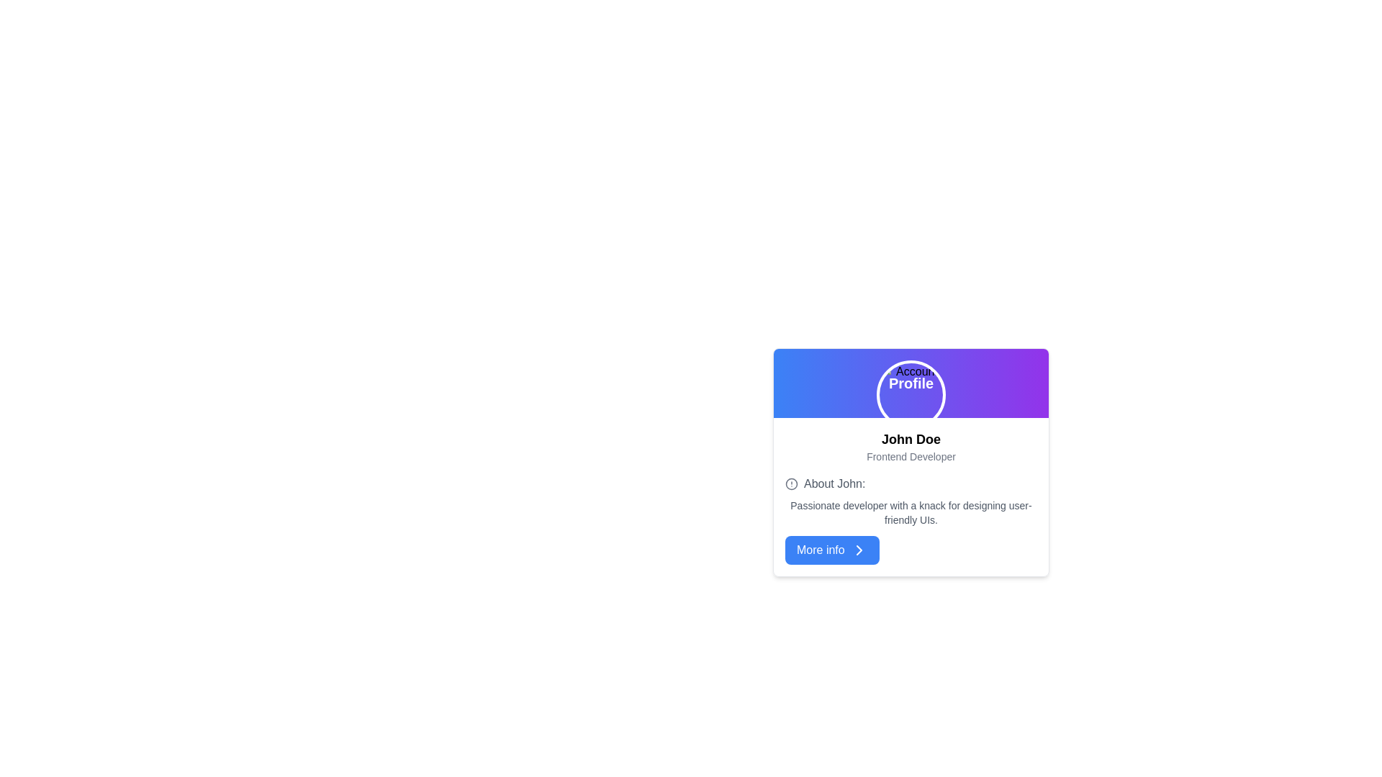  Describe the element at coordinates (911, 394) in the screenshot. I see `the profile picture image element located at the top of the user account card, which visually represents the user` at that location.